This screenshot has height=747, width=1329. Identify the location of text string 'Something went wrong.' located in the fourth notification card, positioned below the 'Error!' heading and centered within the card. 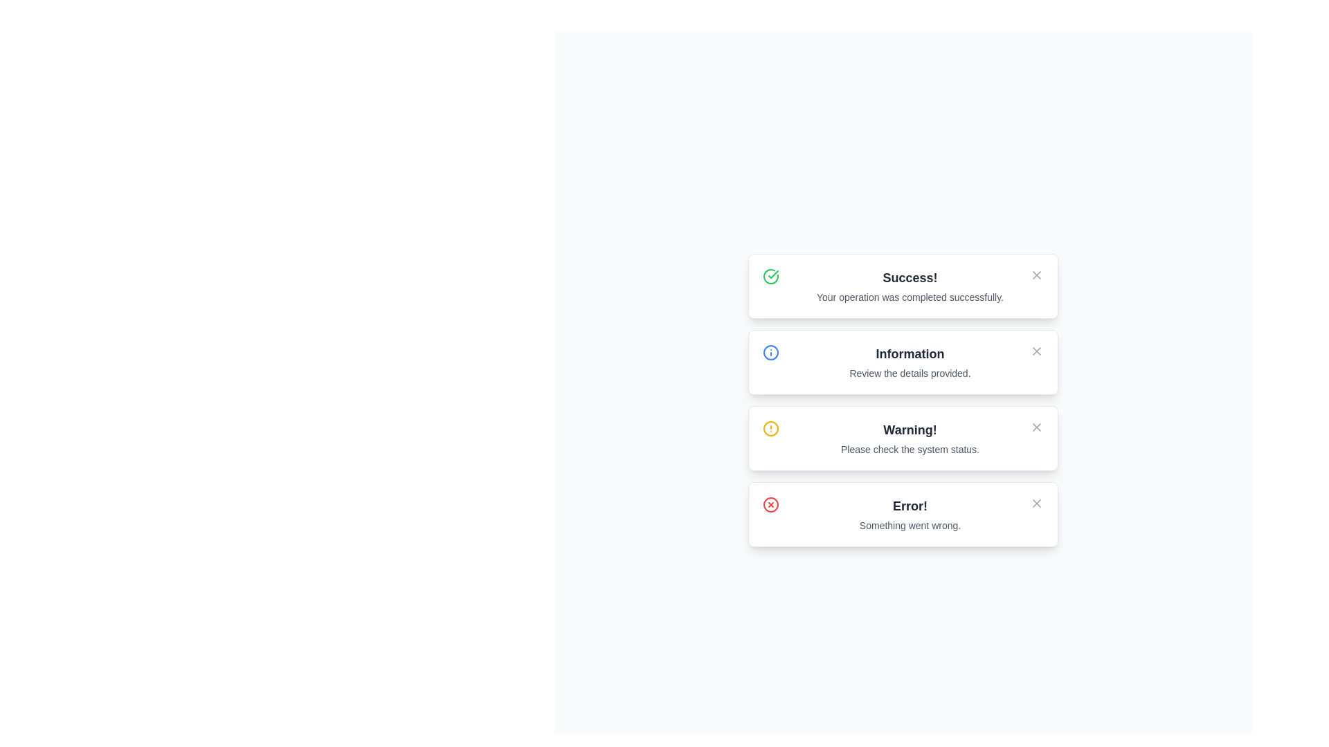
(910, 525).